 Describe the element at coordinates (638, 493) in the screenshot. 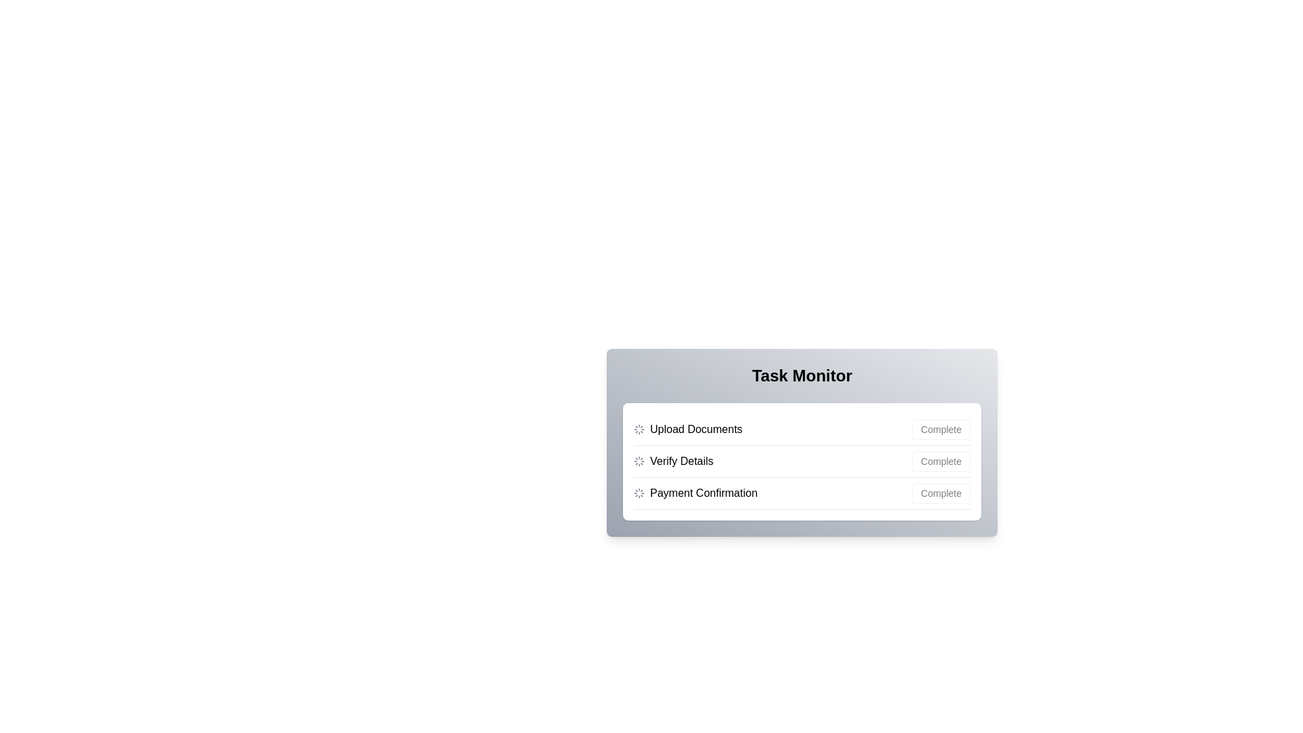

I see `the loading spinner or loader icon indicating that a 'Payment Confirmation' process is ongoing, which is positioned to the left of the label 'Payment Confirmation'` at that location.